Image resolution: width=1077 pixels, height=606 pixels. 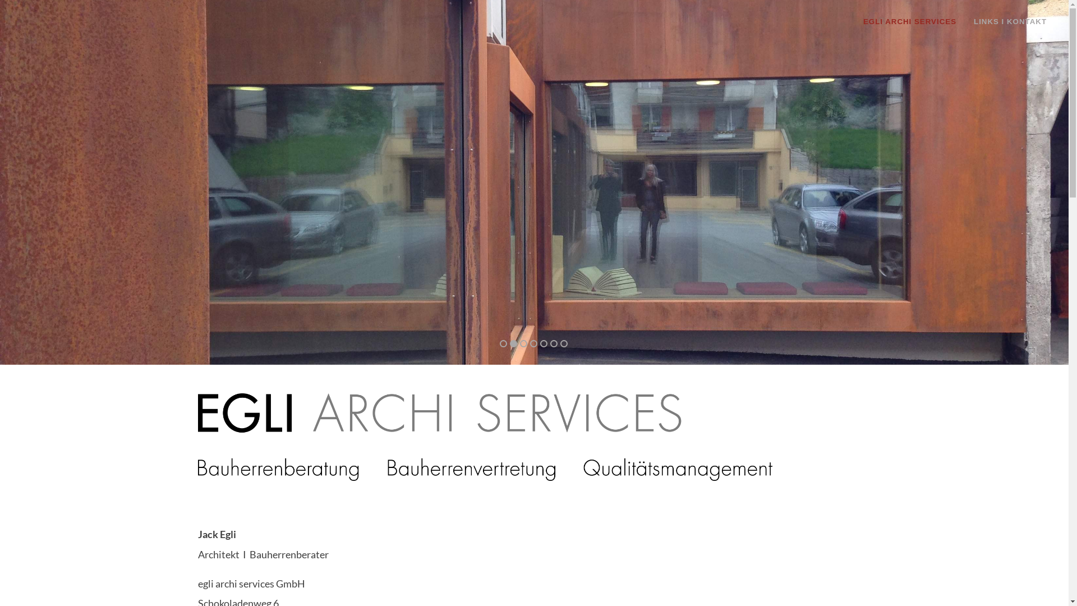 What do you see at coordinates (522, 342) in the screenshot?
I see `'3'` at bounding box center [522, 342].